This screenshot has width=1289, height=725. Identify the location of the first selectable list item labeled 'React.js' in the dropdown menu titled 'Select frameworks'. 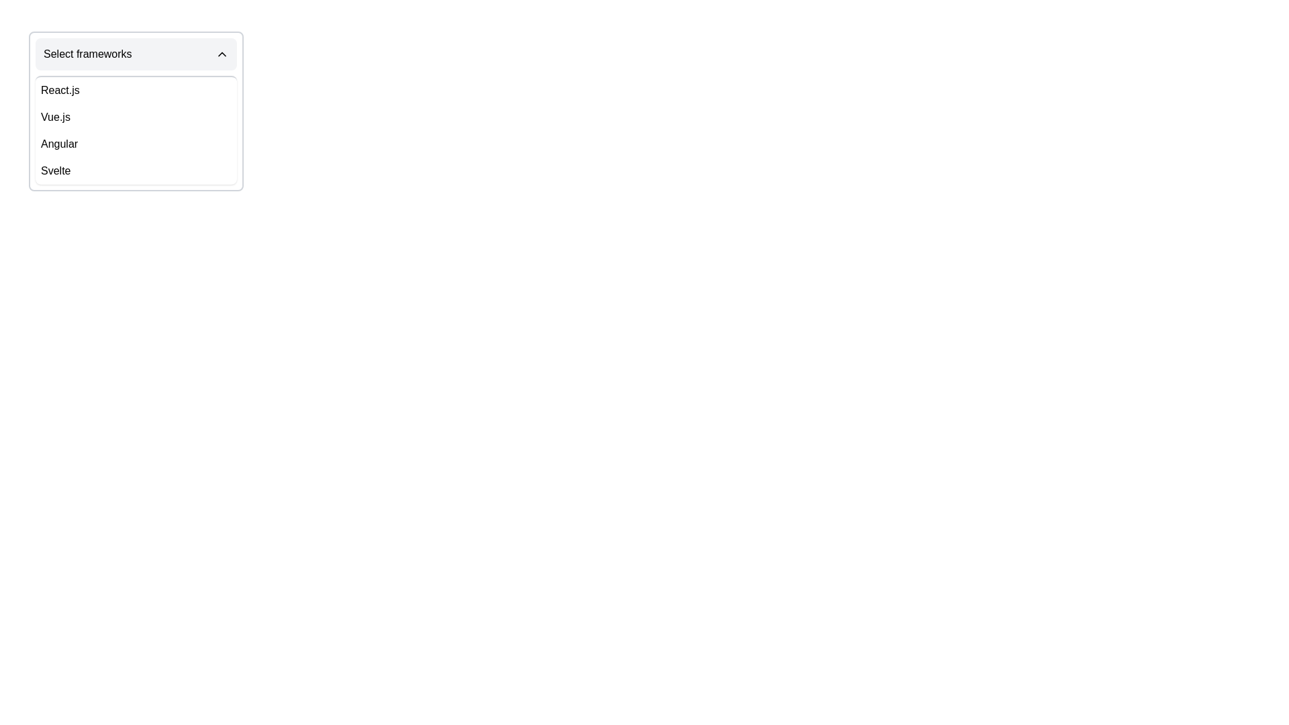
(136, 91).